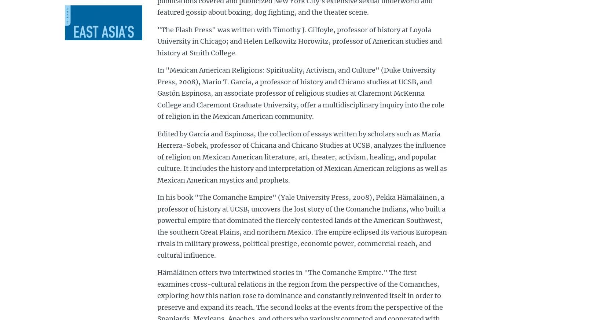 The height and width of the screenshot is (320, 605). I want to click on 'Related Stories', so click(90, 100).